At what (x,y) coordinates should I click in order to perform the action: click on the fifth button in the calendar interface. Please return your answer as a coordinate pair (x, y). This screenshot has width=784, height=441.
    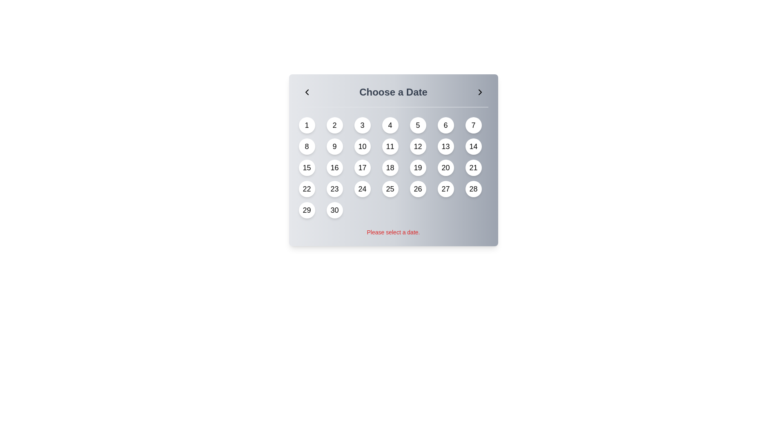
    Looking at the image, I should click on (418, 125).